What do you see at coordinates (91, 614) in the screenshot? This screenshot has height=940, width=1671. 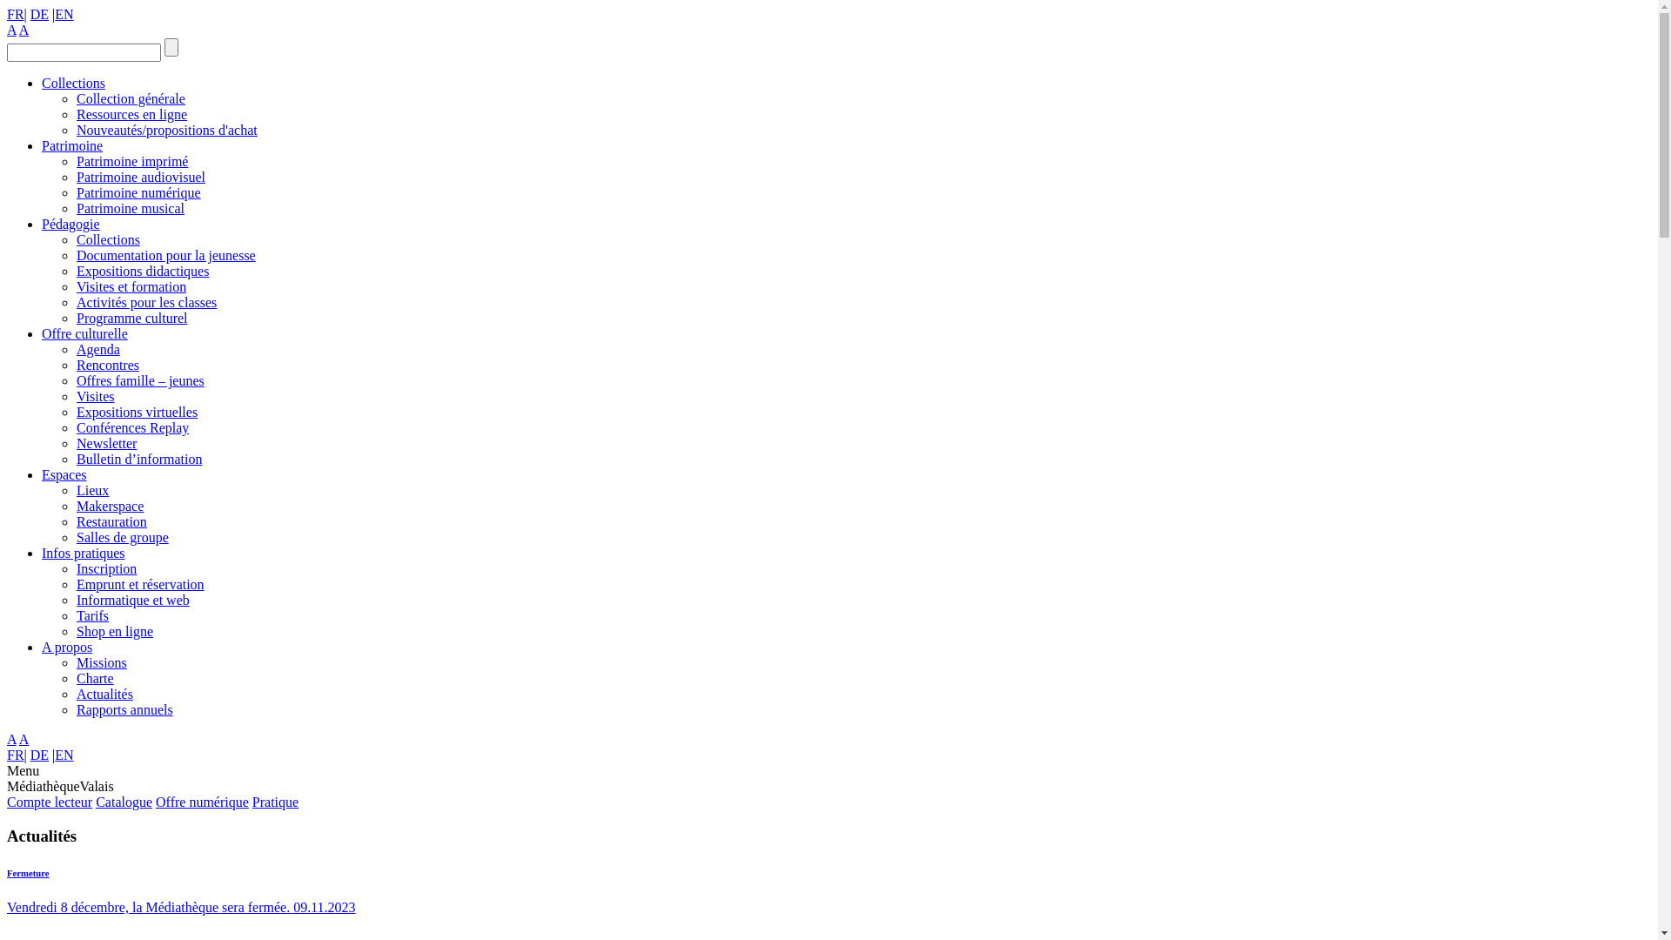 I see `'Tarifs'` at bounding box center [91, 614].